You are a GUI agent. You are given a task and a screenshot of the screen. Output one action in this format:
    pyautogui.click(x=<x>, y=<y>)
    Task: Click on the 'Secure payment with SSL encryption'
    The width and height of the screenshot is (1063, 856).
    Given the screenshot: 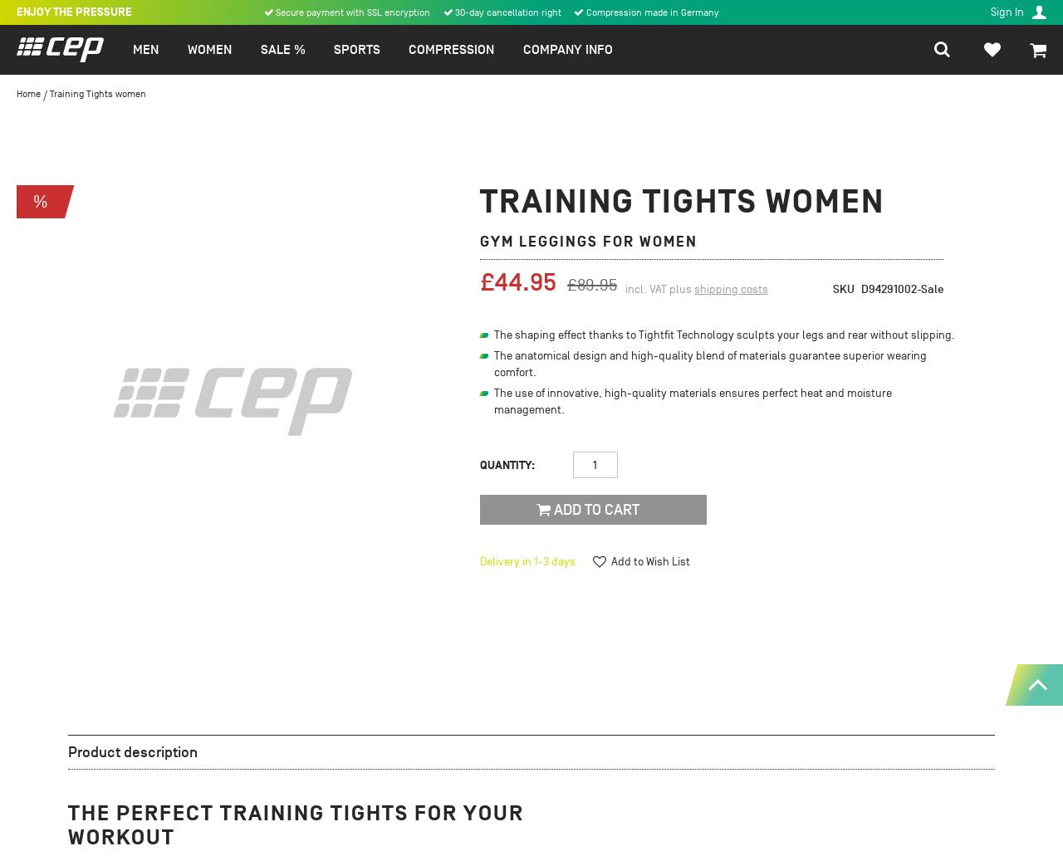 What is the action you would take?
    pyautogui.click(x=351, y=12)
    